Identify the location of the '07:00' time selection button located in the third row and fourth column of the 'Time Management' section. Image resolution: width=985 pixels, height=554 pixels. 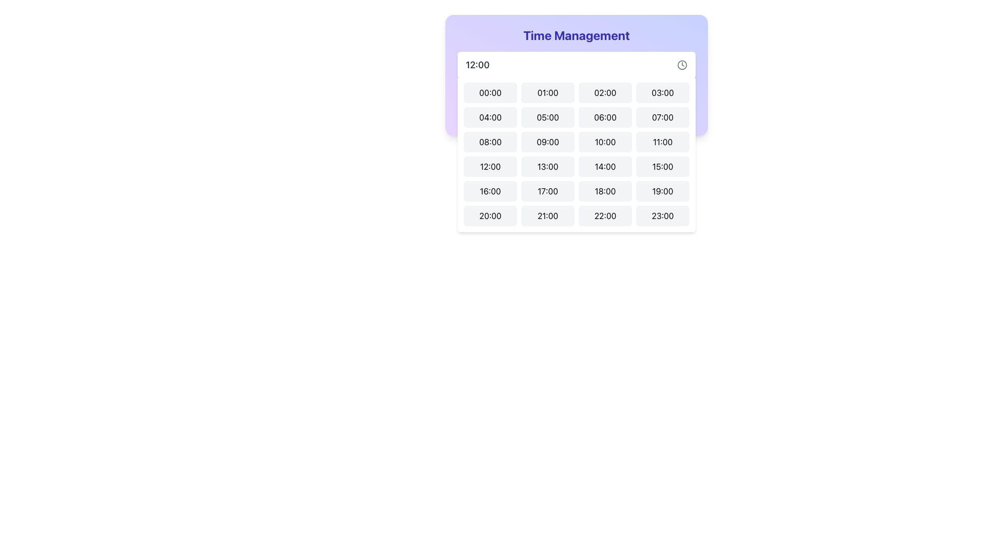
(662, 116).